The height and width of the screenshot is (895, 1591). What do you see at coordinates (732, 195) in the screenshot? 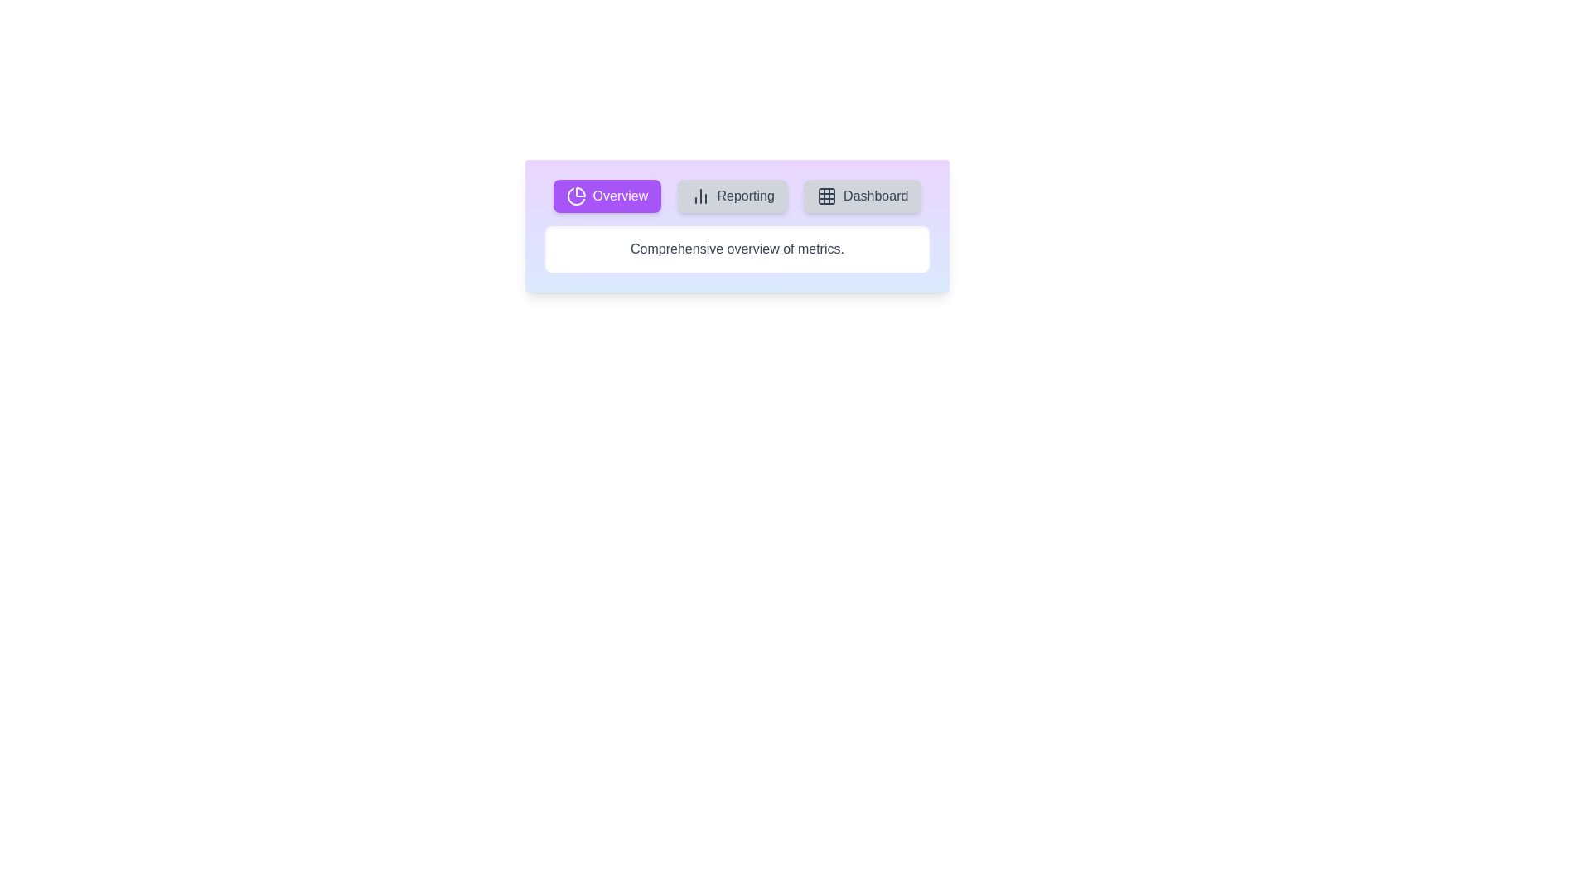
I see `the tab labeled Reporting` at bounding box center [732, 195].